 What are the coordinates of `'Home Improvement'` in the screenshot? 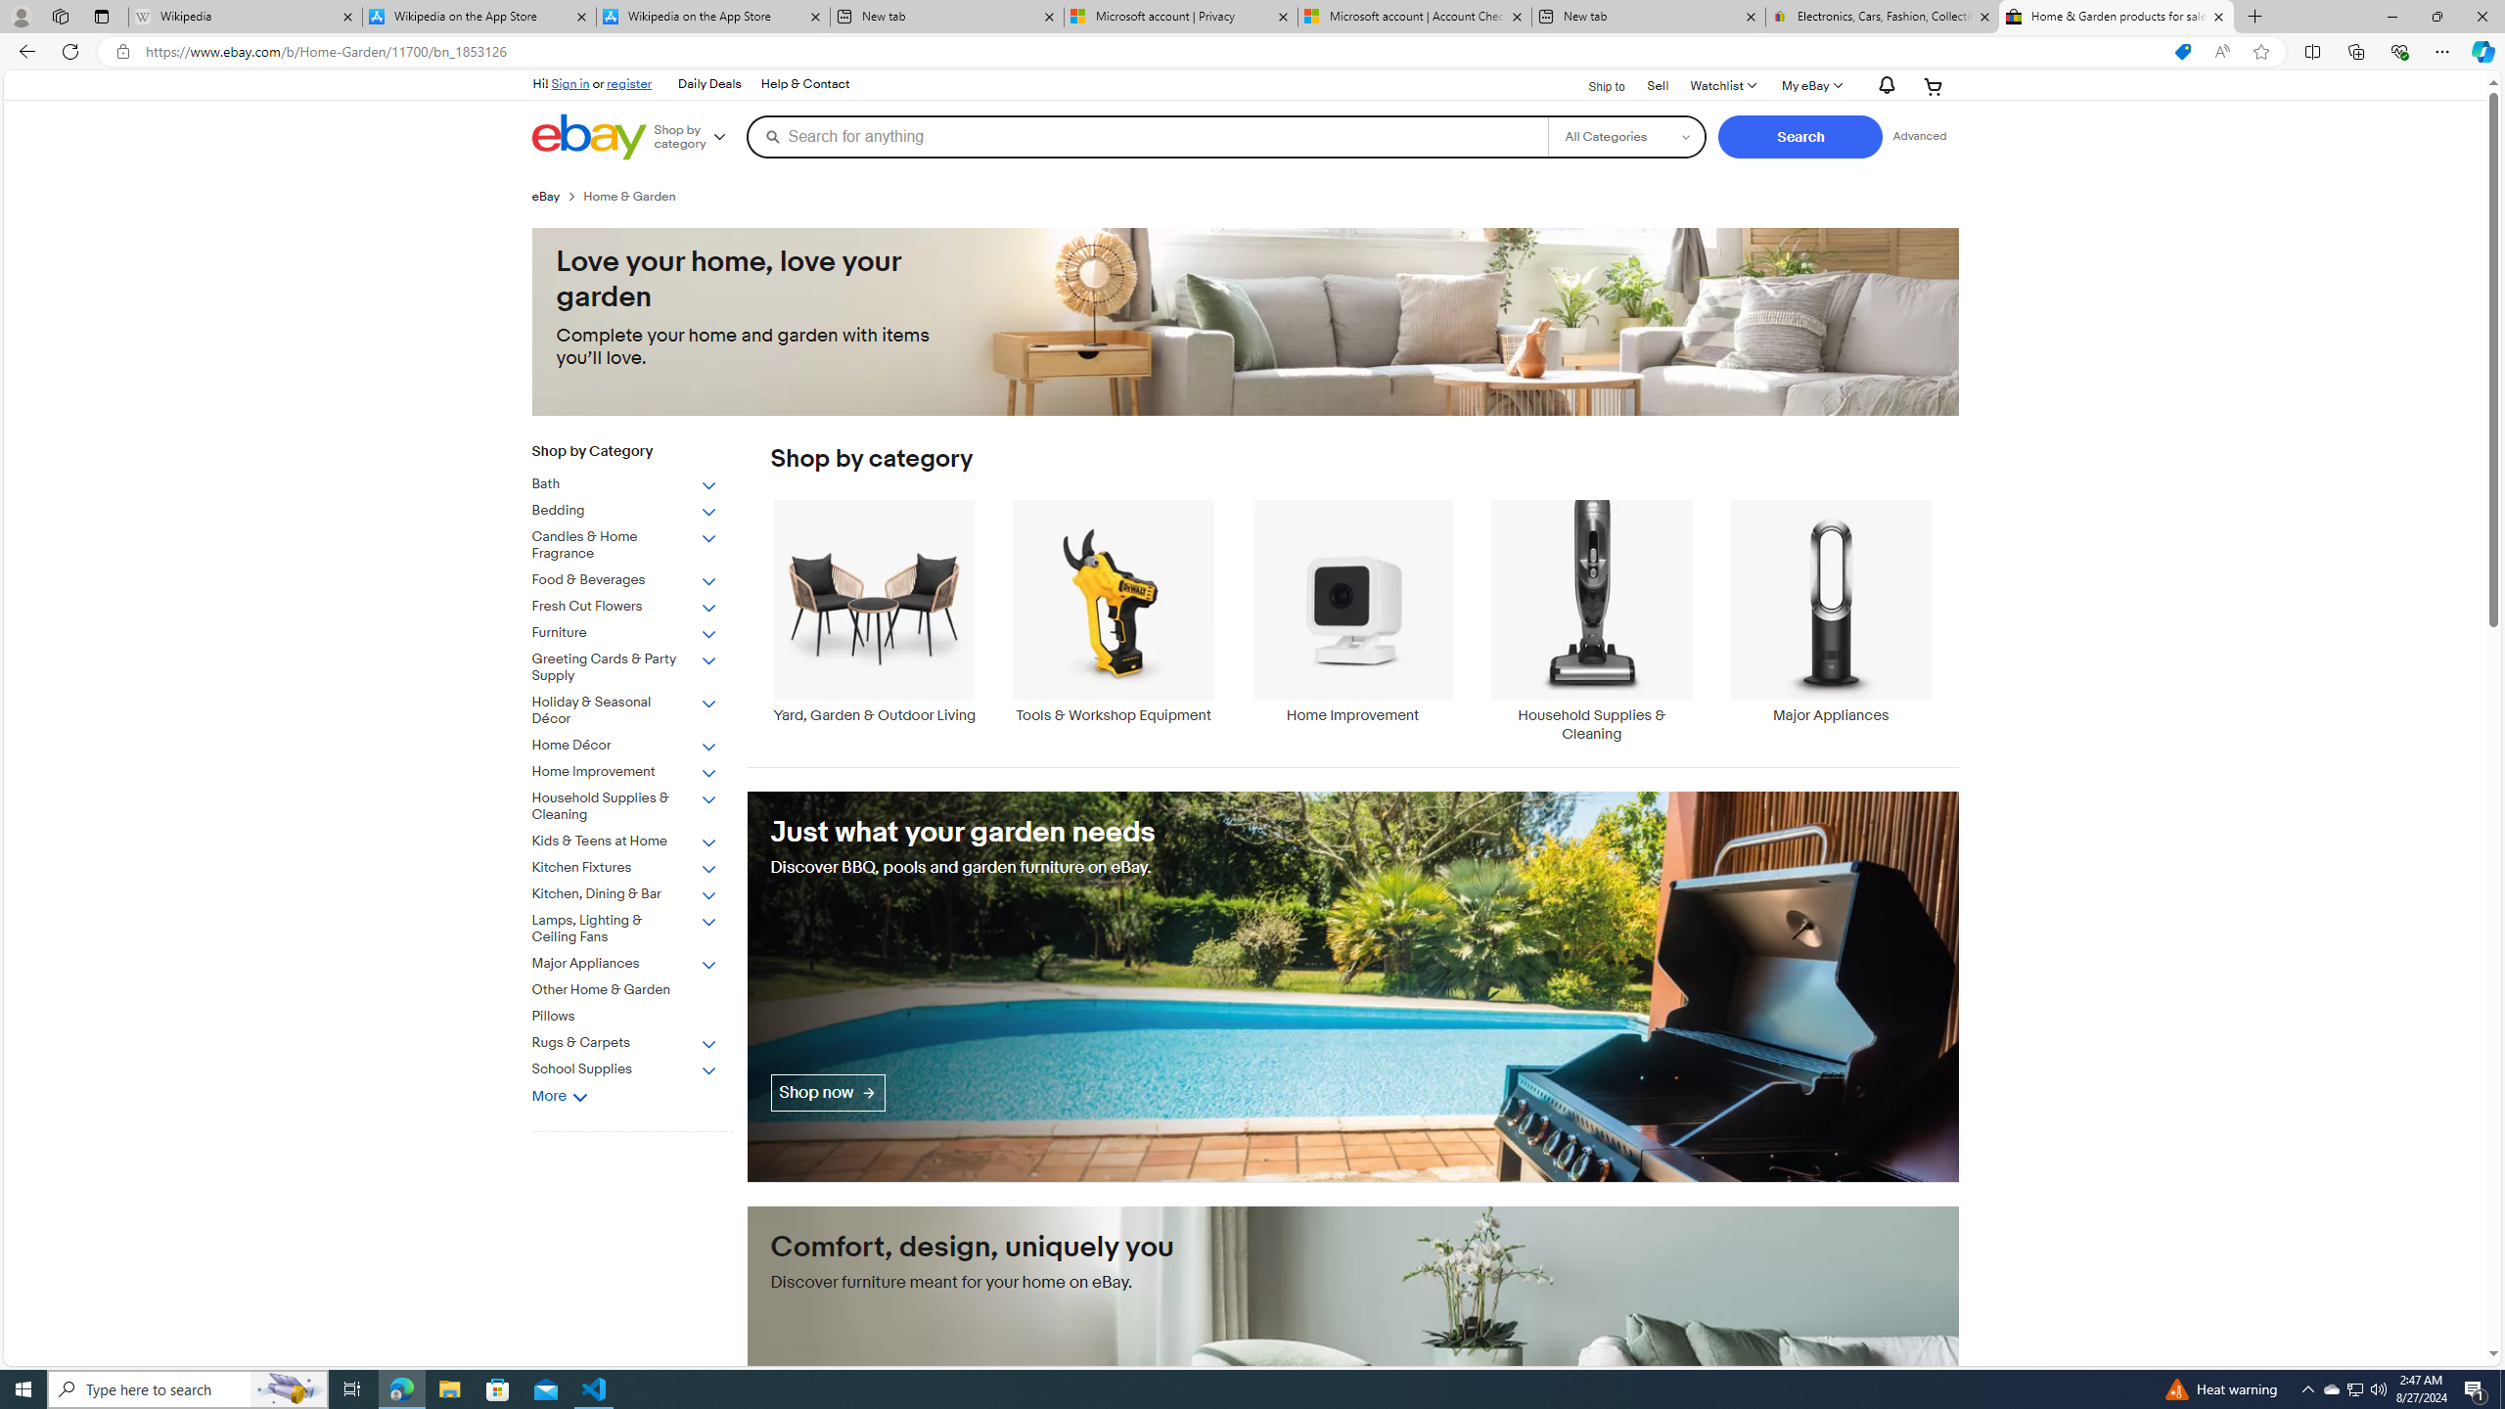 It's located at (1351, 611).